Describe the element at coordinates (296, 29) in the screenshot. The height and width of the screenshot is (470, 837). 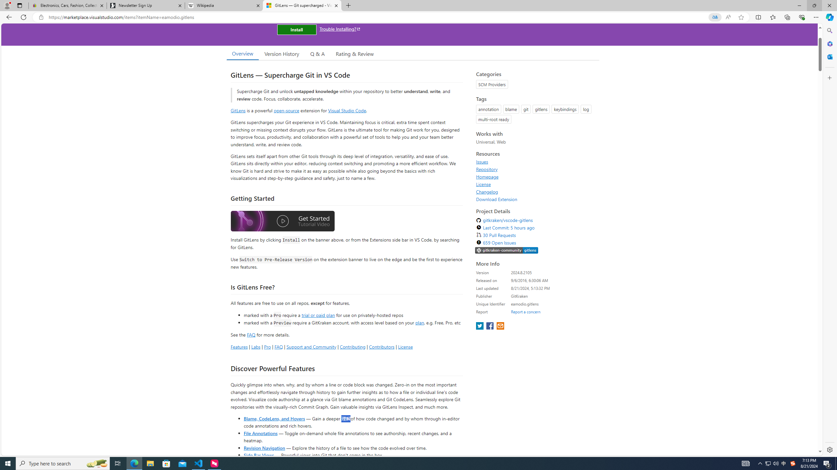
I see `'Install'` at that location.